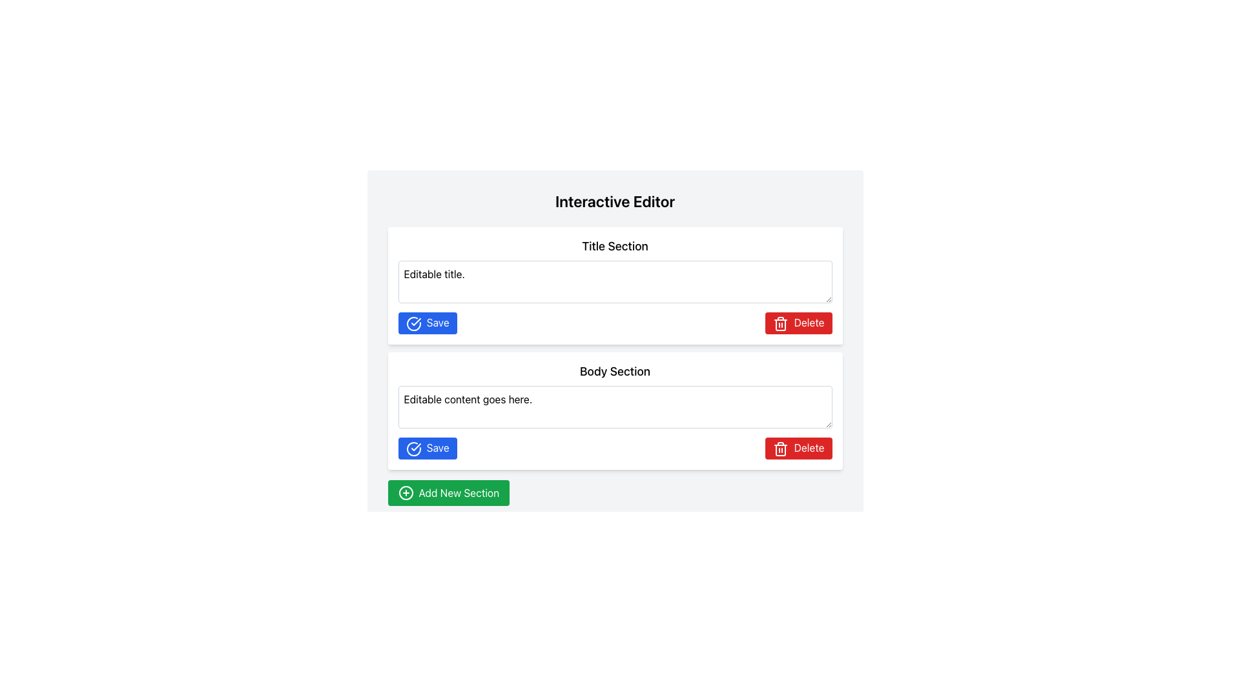 This screenshot has height=697, width=1240. I want to click on the blue 'Save' button which contains the checkmark icon, so click(415, 320).